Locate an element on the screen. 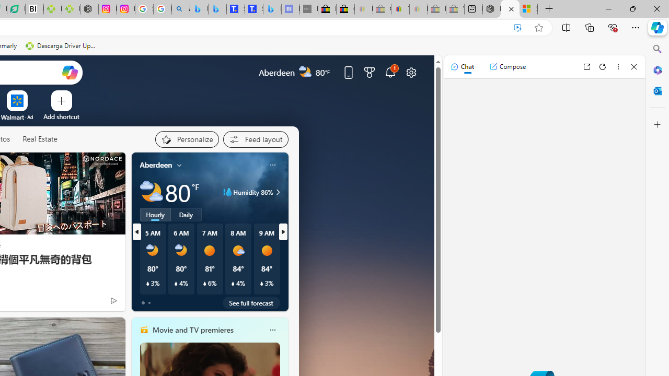 This screenshot has height=376, width=669. 'Press Room - eBay Inc. - Sleeping' is located at coordinates (436, 9).